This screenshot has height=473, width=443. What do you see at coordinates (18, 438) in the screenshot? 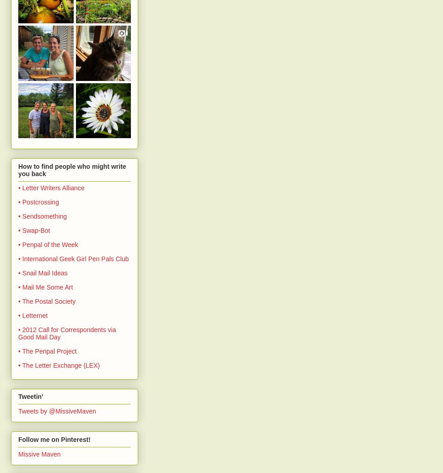
I see `'Follow me on Pinterest!'` at bounding box center [18, 438].